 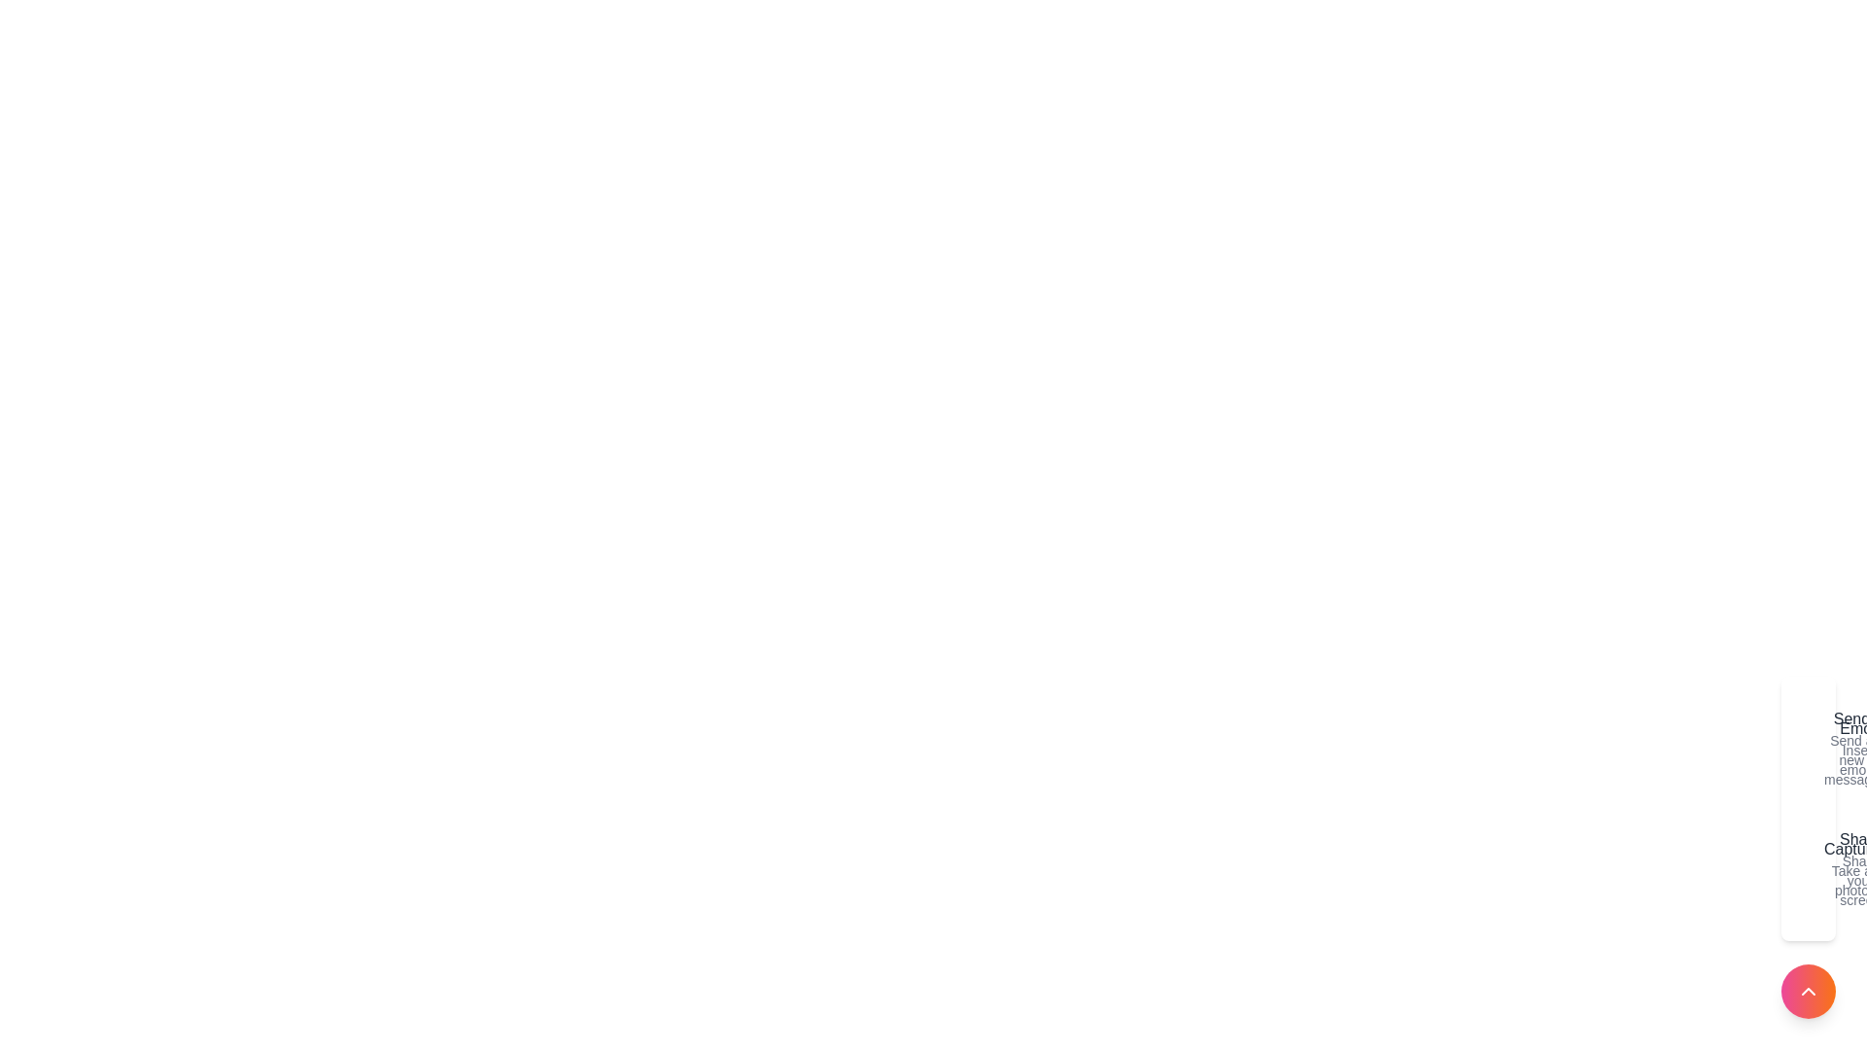 What do you see at coordinates (1811, 748) in the screenshot?
I see `the action Send to highlight it` at bounding box center [1811, 748].